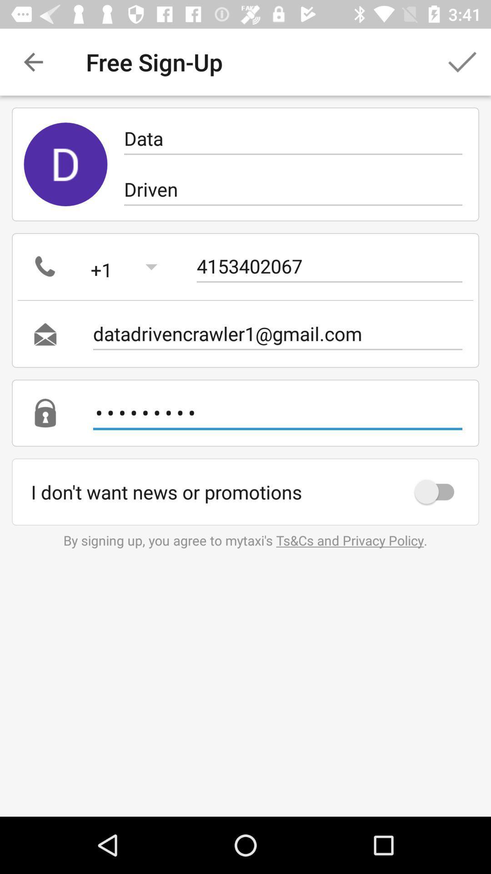  What do you see at coordinates (462, 61) in the screenshot?
I see `item next to the free sign-up icon` at bounding box center [462, 61].